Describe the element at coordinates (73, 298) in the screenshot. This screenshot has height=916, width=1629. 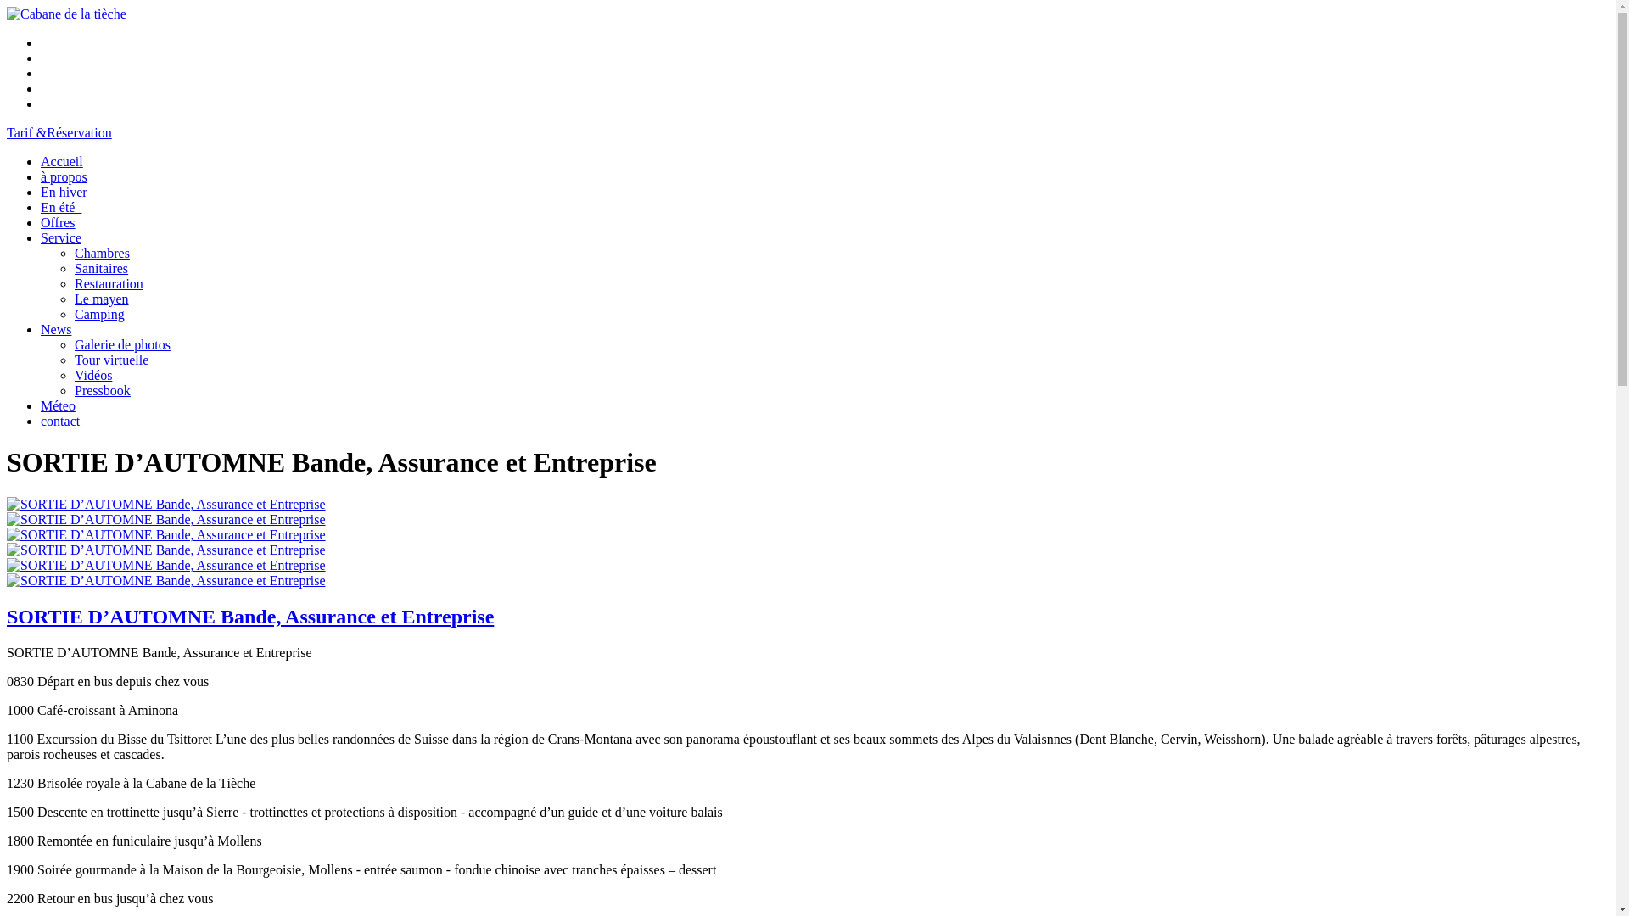
I see `'Le mayen'` at that location.